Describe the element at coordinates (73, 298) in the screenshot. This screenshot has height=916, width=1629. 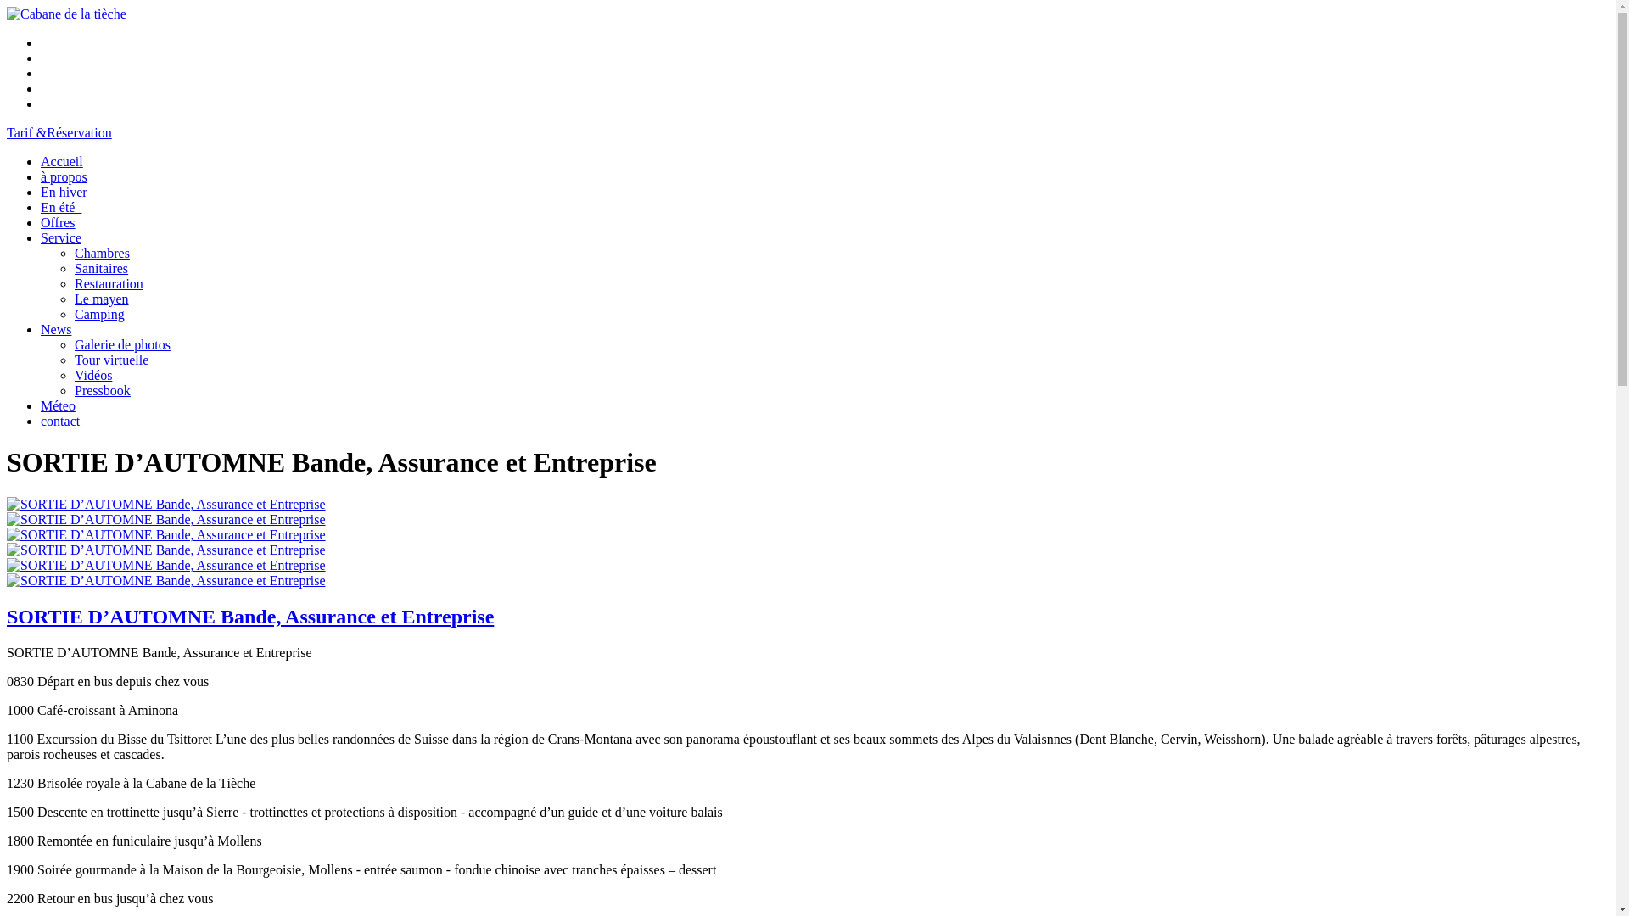
I see `'Le mayen'` at that location.